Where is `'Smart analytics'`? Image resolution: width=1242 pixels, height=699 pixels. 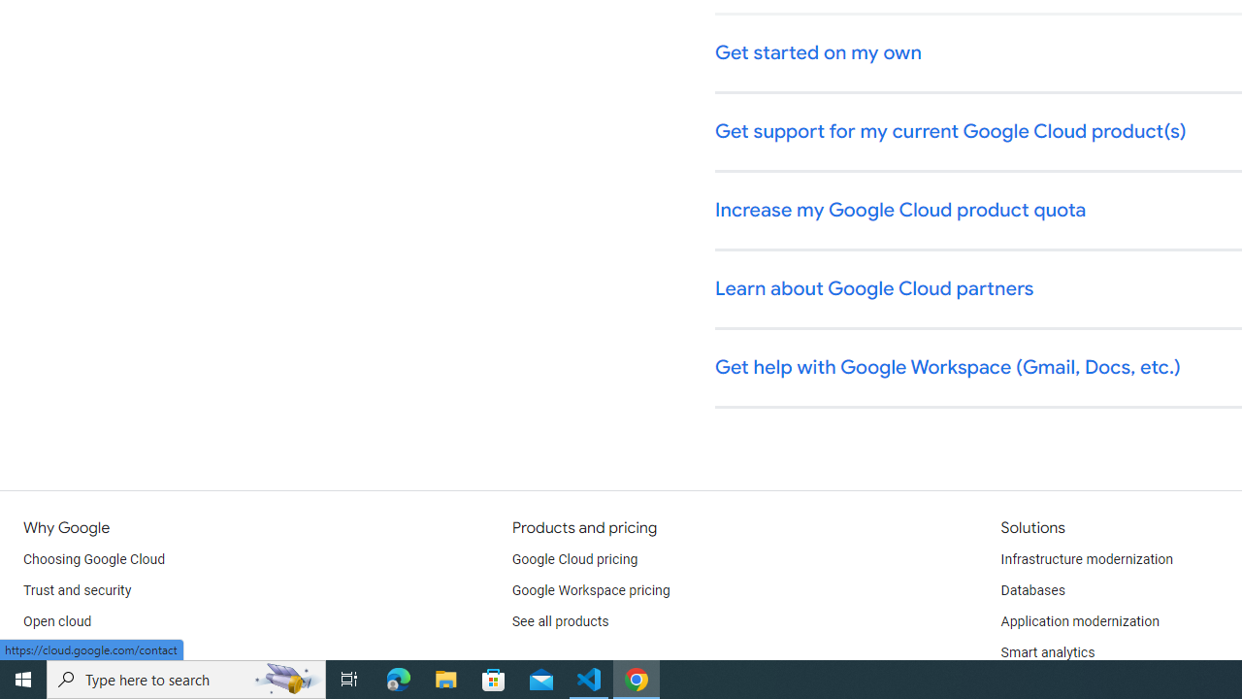
'Smart analytics' is located at coordinates (1046, 652).